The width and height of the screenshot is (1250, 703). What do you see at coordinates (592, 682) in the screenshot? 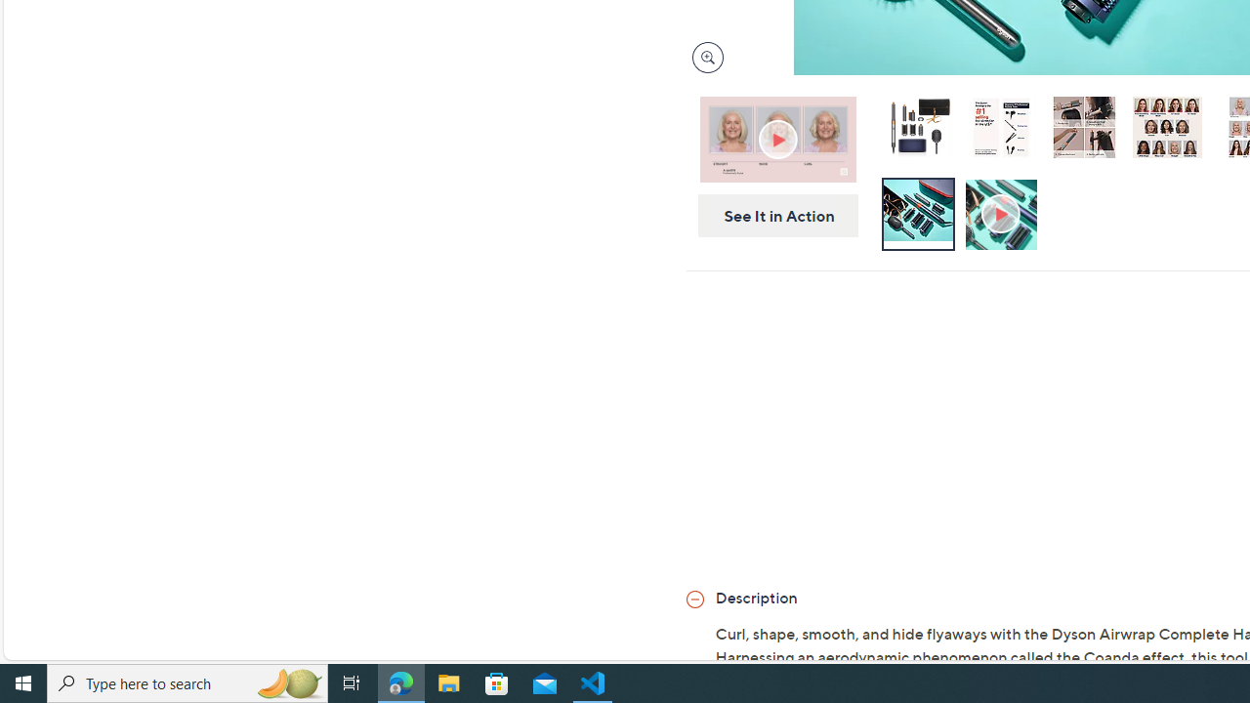
I see `'Visual Studio Code - 1 running window'` at bounding box center [592, 682].